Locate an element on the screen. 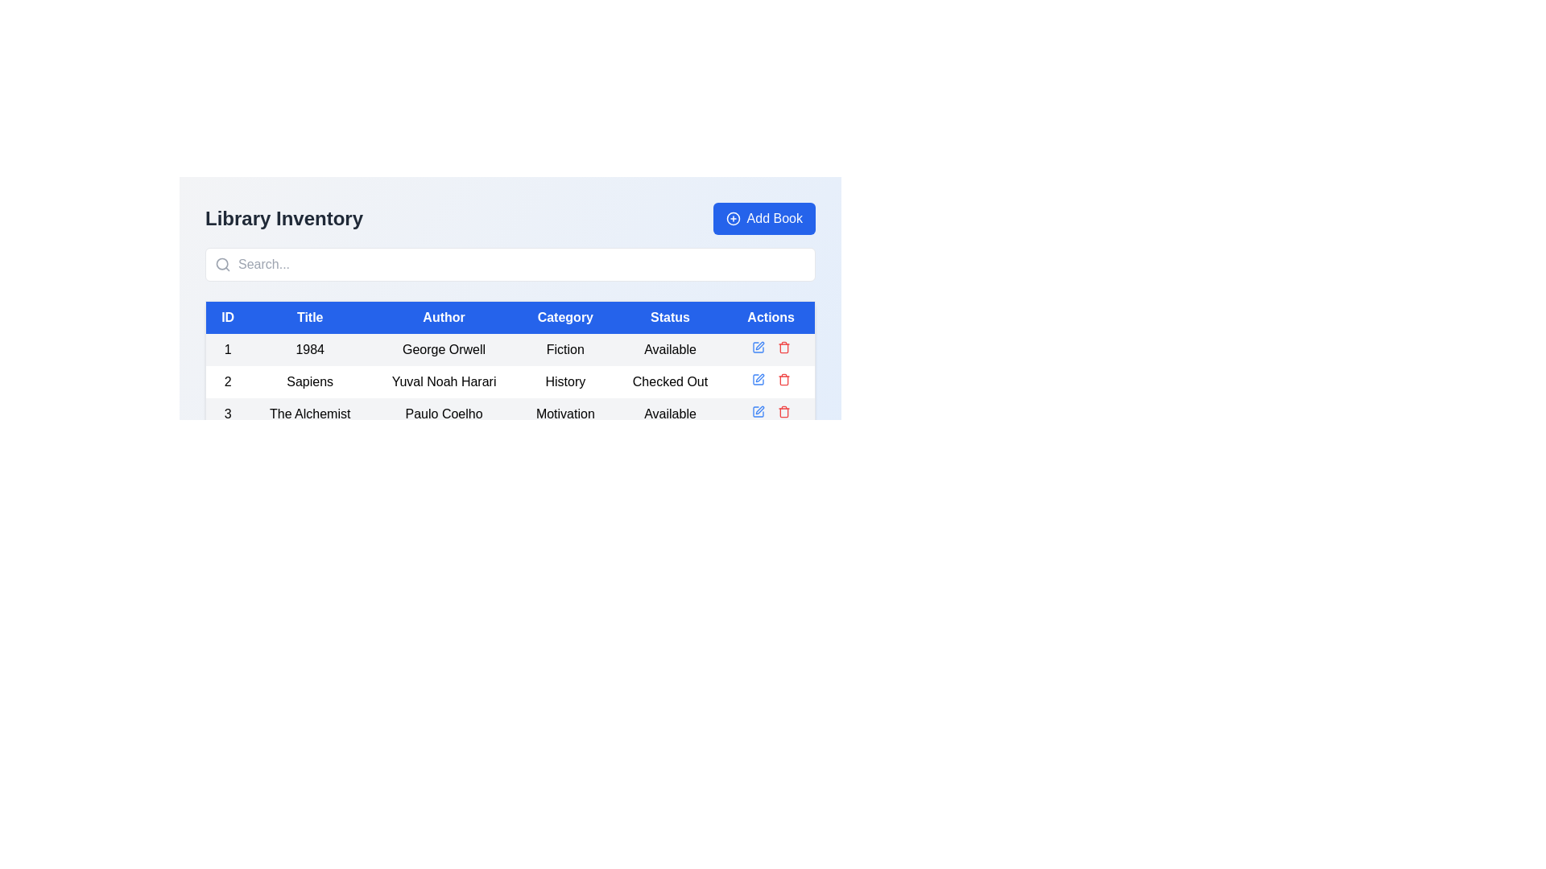  text 'Actions' from the last header cell in the 'Actions' column of the table, which is located to the right of the 'Status' header is located at coordinates (770, 317).